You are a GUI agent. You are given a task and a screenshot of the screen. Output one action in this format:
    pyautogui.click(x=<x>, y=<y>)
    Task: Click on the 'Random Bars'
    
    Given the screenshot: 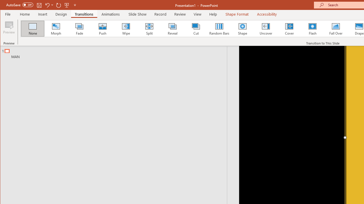 What is the action you would take?
    pyautogui.click(x=219, y=28)
    